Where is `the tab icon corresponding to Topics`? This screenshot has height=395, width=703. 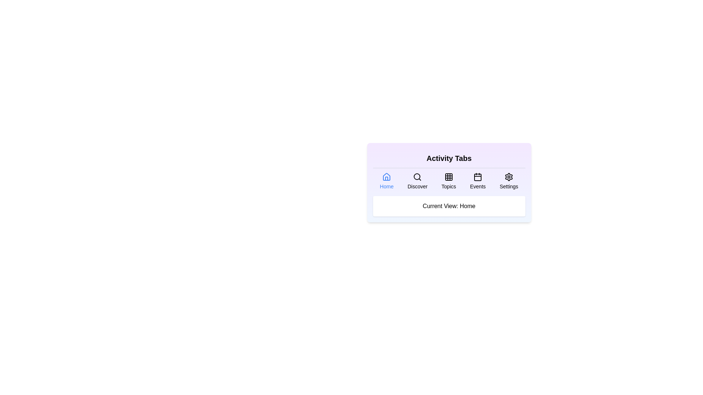 the tab icon corresponding to Topics is located at coordinates (448, 181).